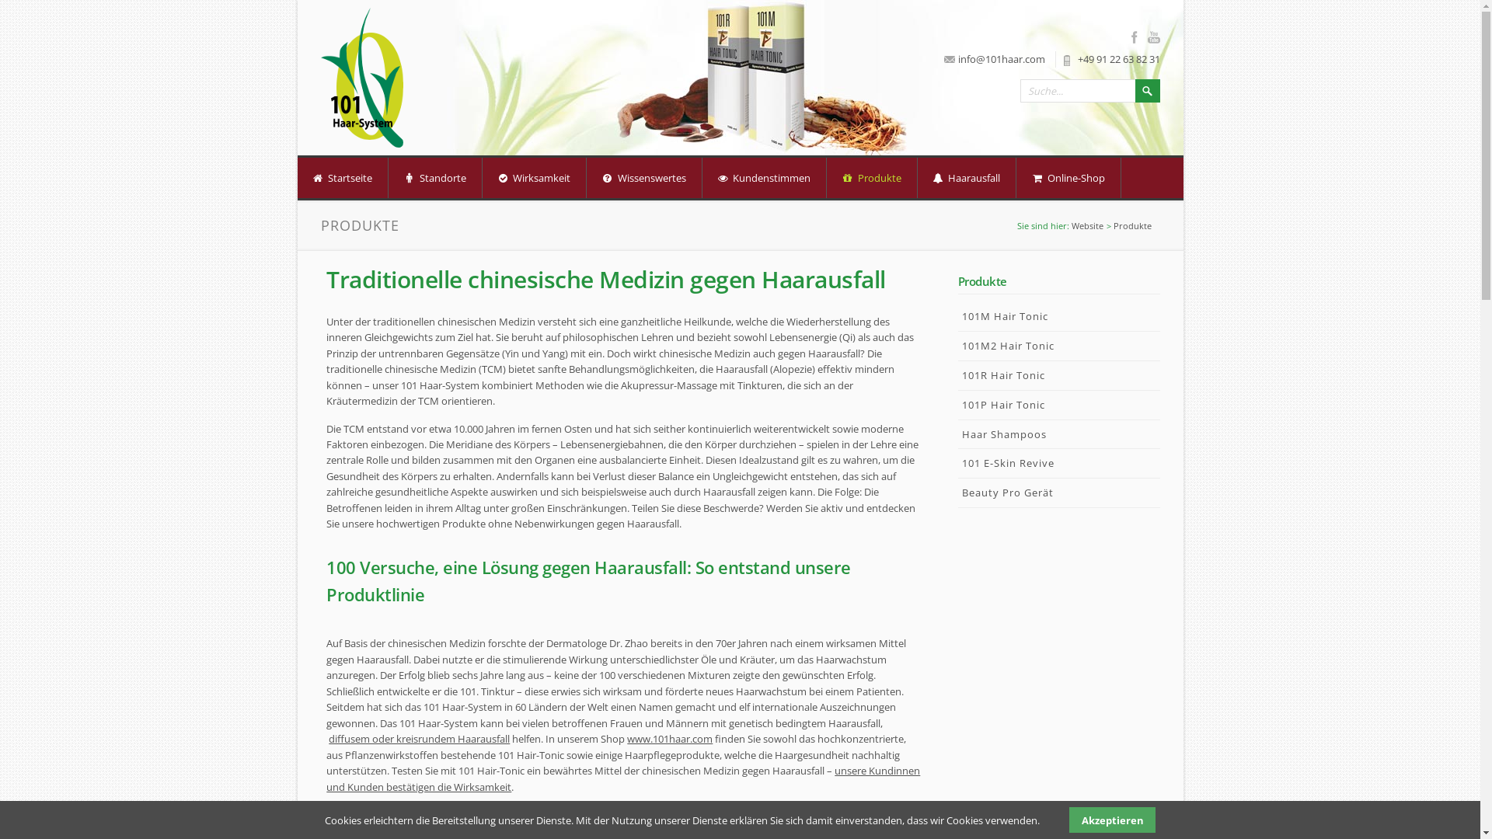 The width and height of the screenshot is (1492, 839). I want to click on 'Haarausfall', so click(965, 176).